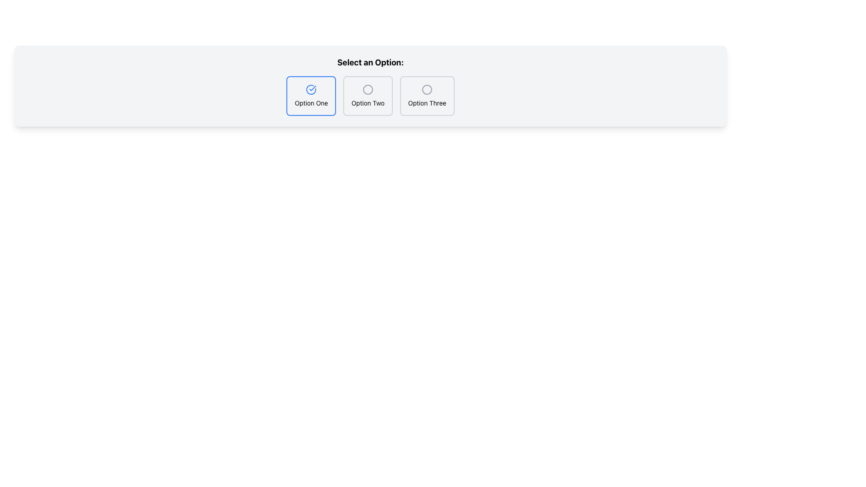 The width and height of the screenshot is (866, 487). I want to click on the radio button indicator, which is a circle with a light gray outline and a white fill, located within the second option labeled 'Option Two' in the horizontal choice group, so click(368, 90).